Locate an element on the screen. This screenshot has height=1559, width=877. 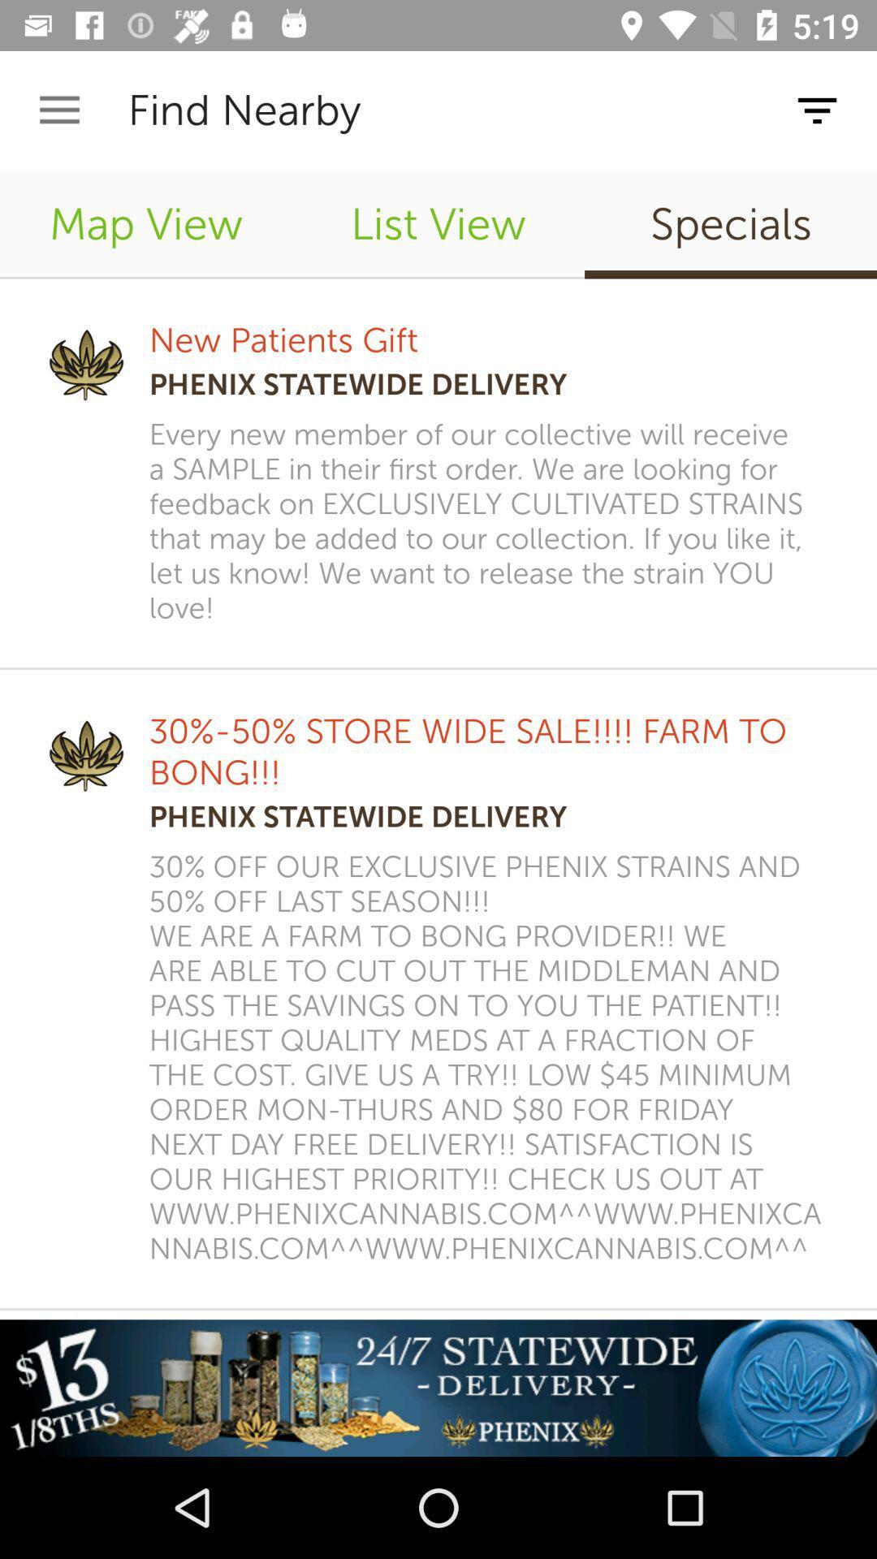
the every new member icon is located at coordinates (490, 521).